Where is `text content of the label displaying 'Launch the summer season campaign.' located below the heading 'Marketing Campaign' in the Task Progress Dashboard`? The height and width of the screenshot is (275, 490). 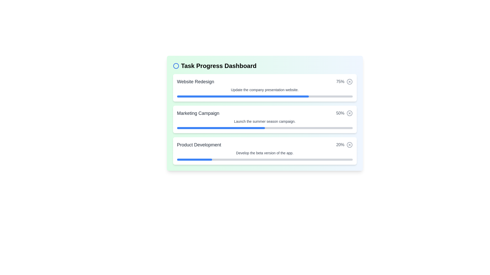
text content of the label displaying 'Launch the summer season campaign.' located below the heading 'Marketing Campaign' in the Task Progress Dashboard is located at coordinates (265, 121).